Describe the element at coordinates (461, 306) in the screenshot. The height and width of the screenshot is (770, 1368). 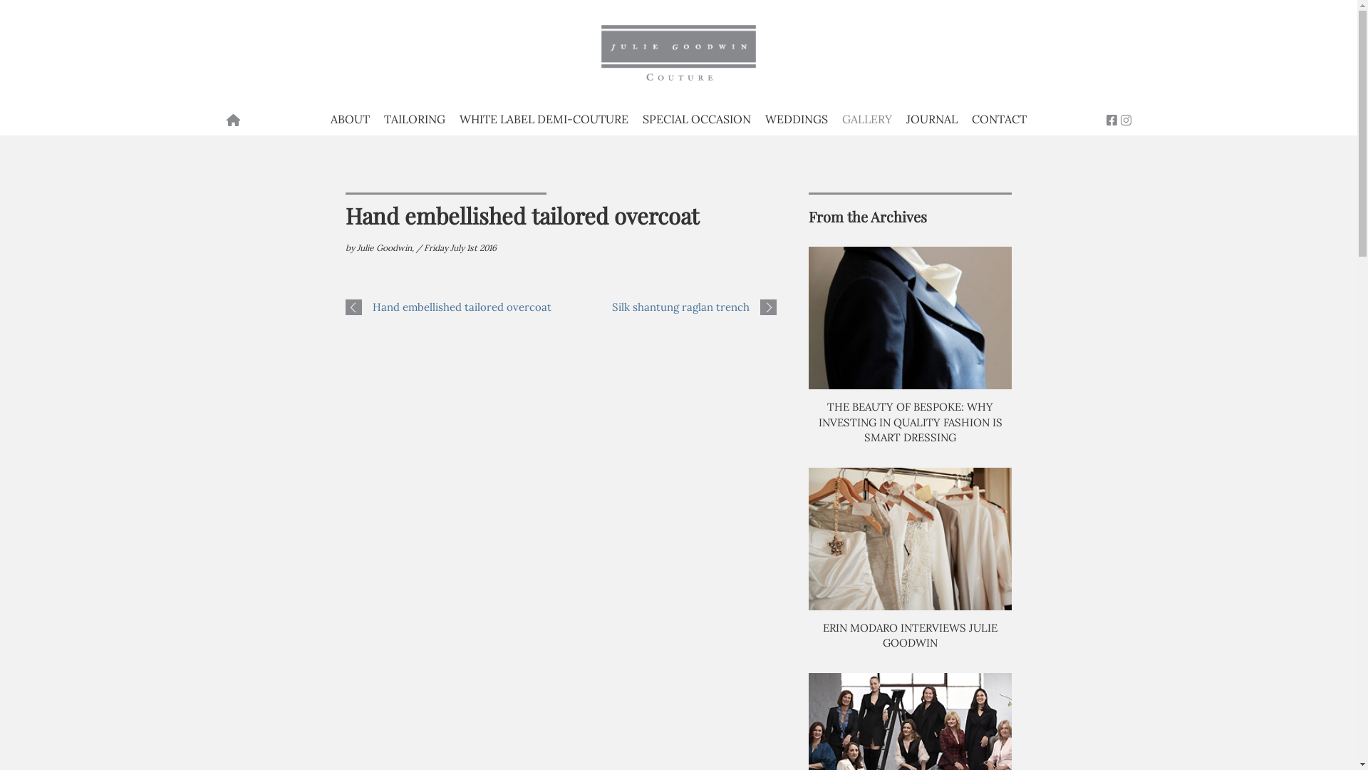
I see `'Hand embellished tailored overcoat'` at that location.